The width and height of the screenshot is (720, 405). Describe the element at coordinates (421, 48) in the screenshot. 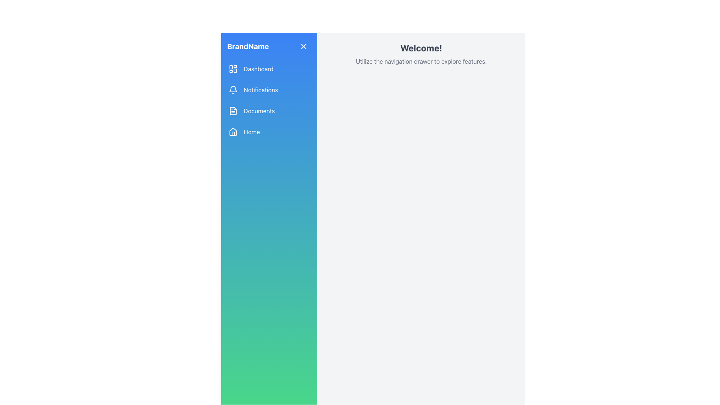

I see `the static text element displaying 'Welcome!' which is styled in bold and large black font and positioned at the top center of the content section` at that location.